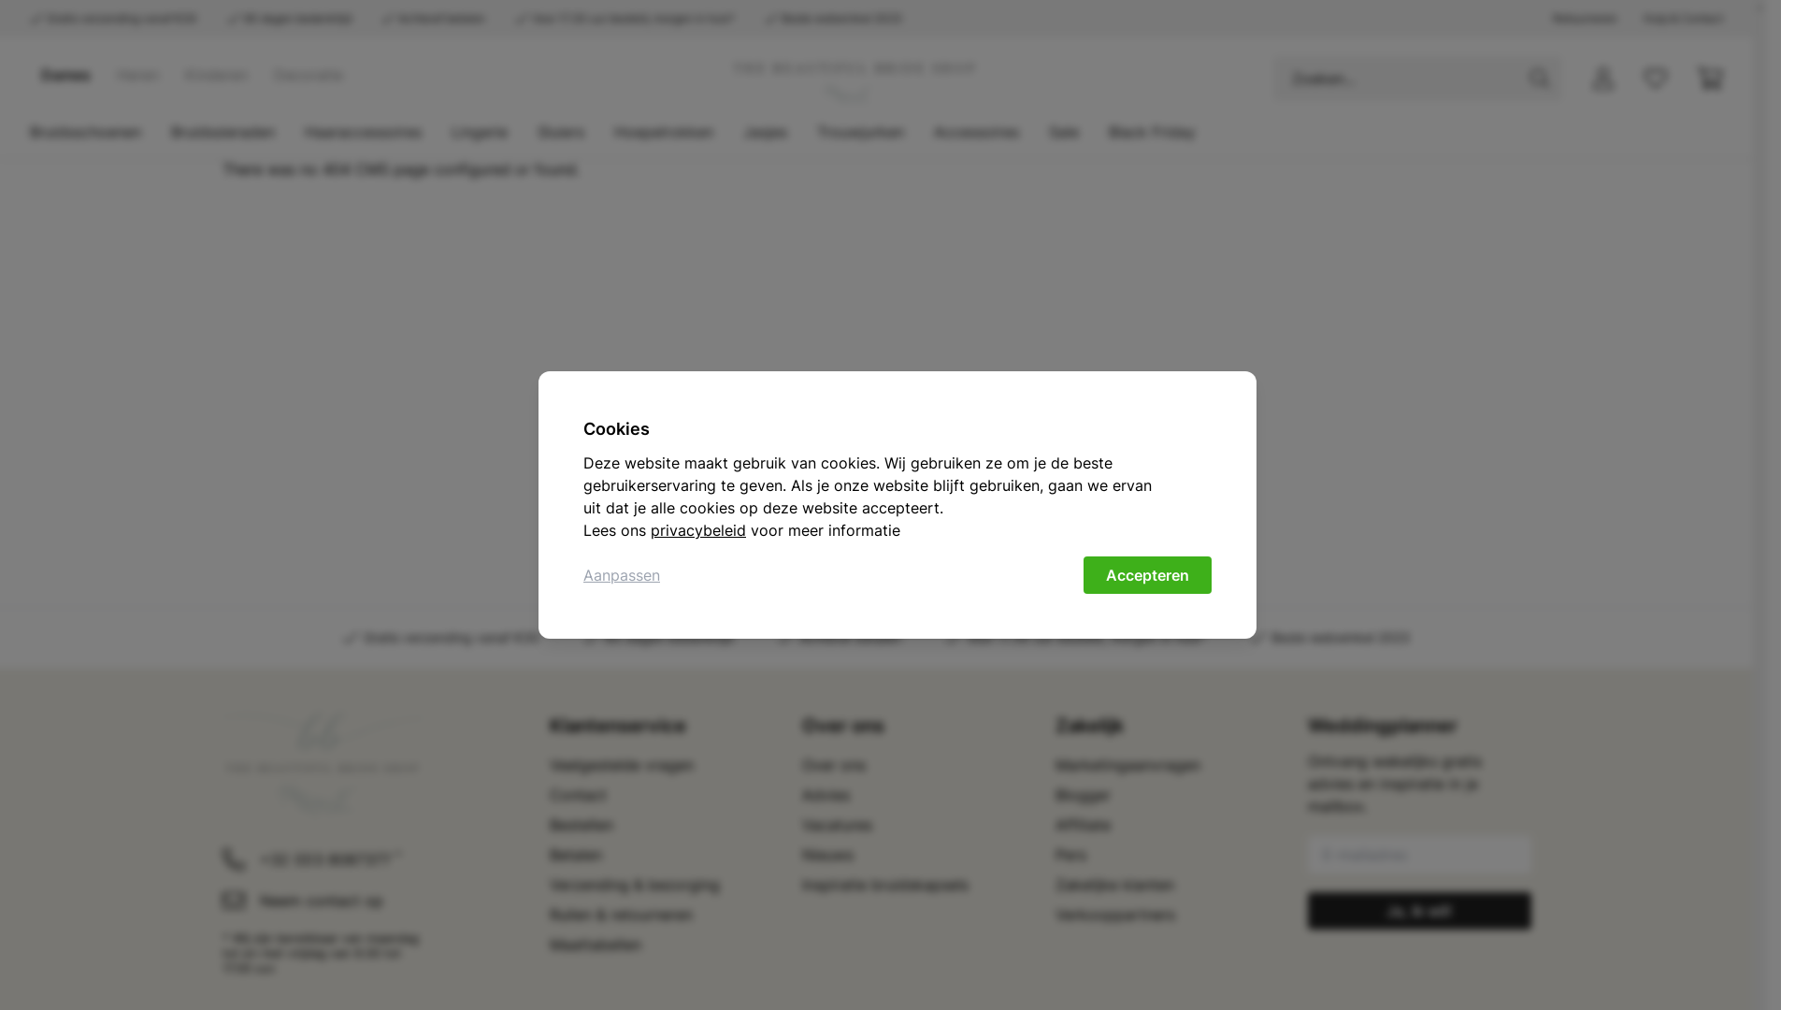 This screenshot has width=1795, height=1010. What do you see at coordinates (1126, 764) in the screenshot?
I see `'Marketingaanvragen'` at bounding box center [1126, 764].